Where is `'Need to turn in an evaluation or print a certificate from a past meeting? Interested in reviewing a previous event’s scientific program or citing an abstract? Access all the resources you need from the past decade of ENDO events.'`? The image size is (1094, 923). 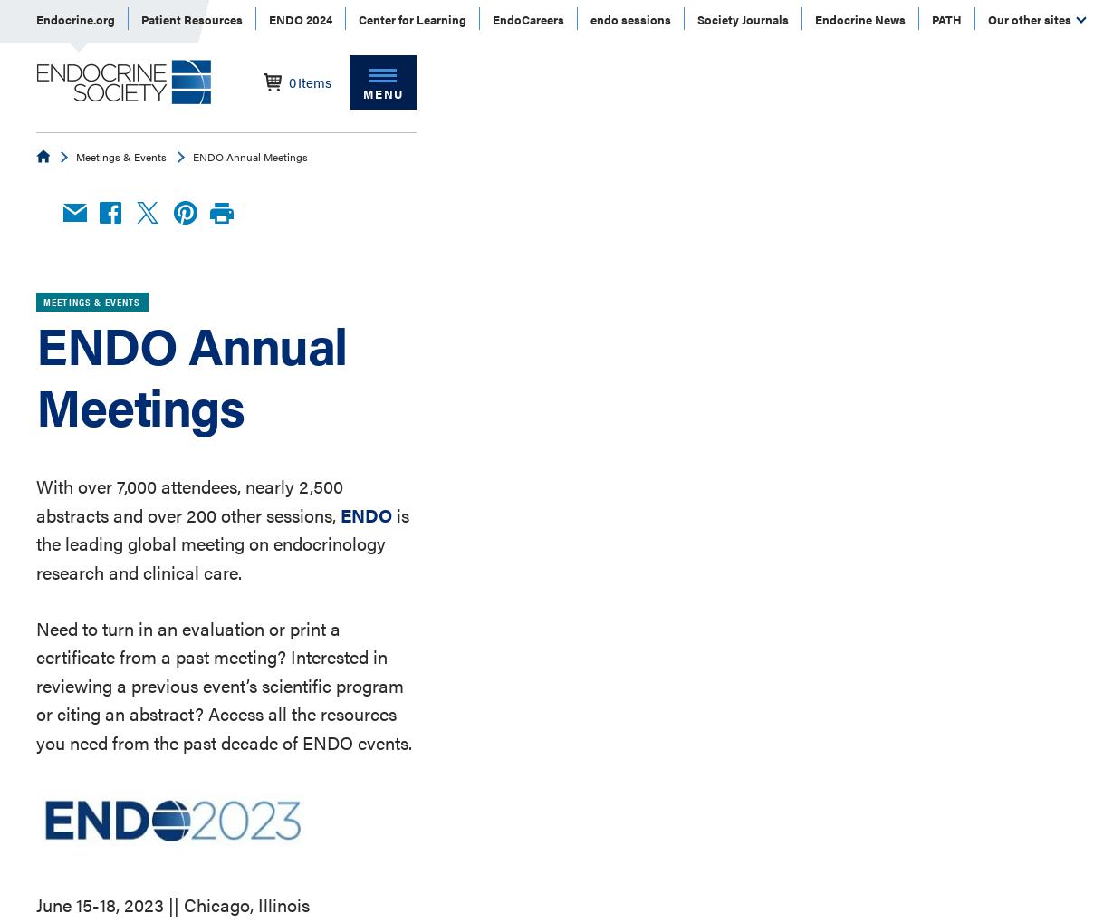 'Need to turn in an evaluation or print a certificate from a past meeting? Interested in reviewing a previous event’s scientific program or citing an abstract? Access all the resources you need from the past decade of ENDO events.' is located at coordinates (224, 683).